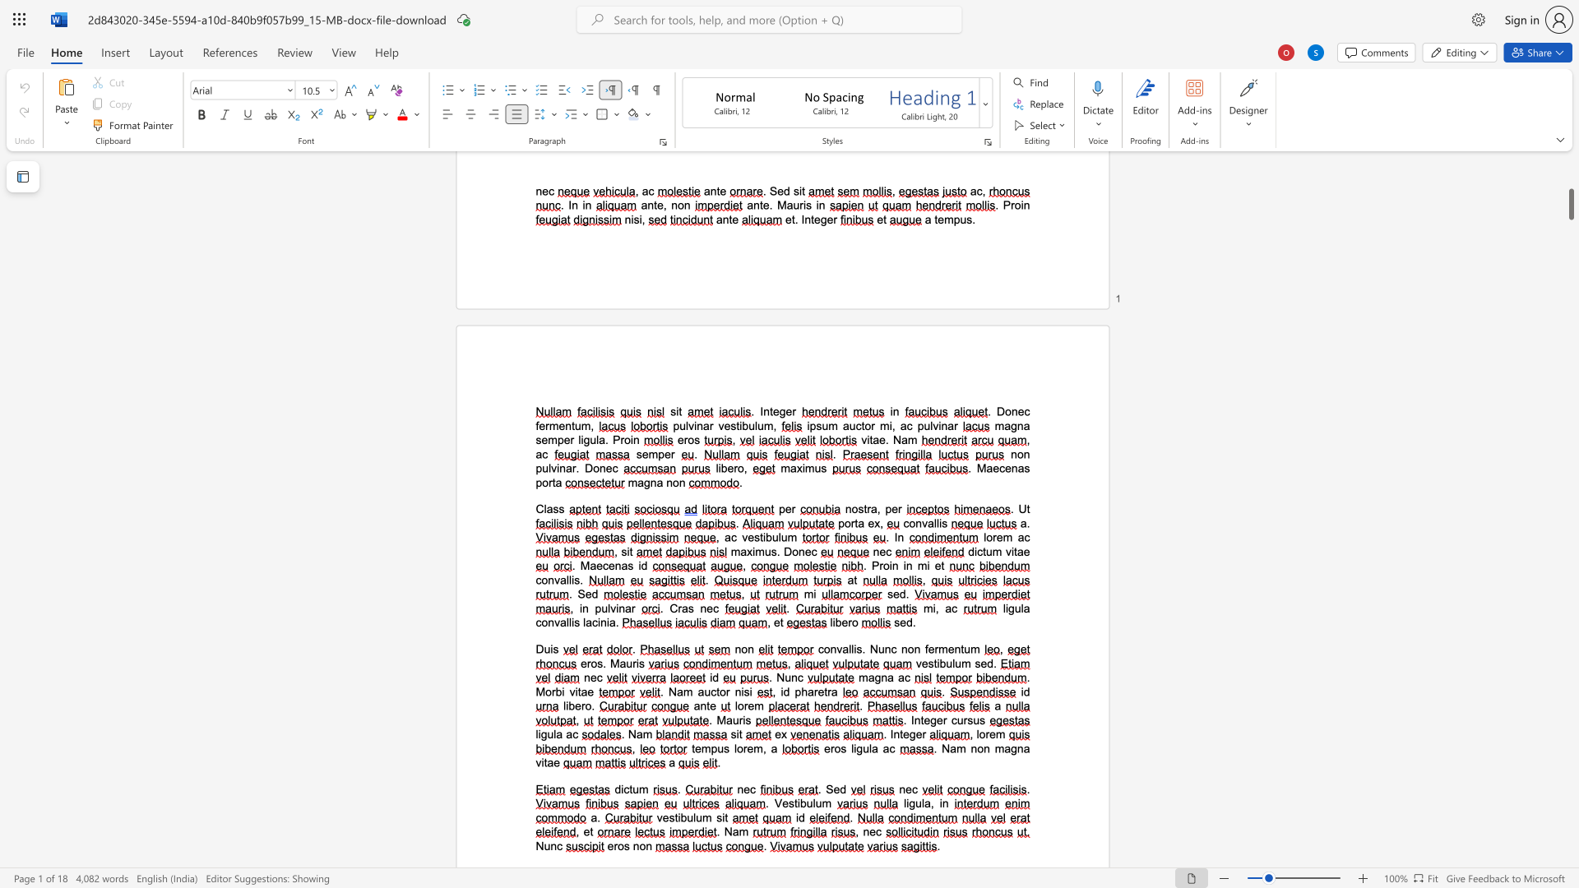 The height and width of the screenshot is (888, 1579). What do you see at coordinates (638, 662) in the screenshot?
I see `the space between the continuous character "i" and "s" in the text` at bounding box center [638, 662].